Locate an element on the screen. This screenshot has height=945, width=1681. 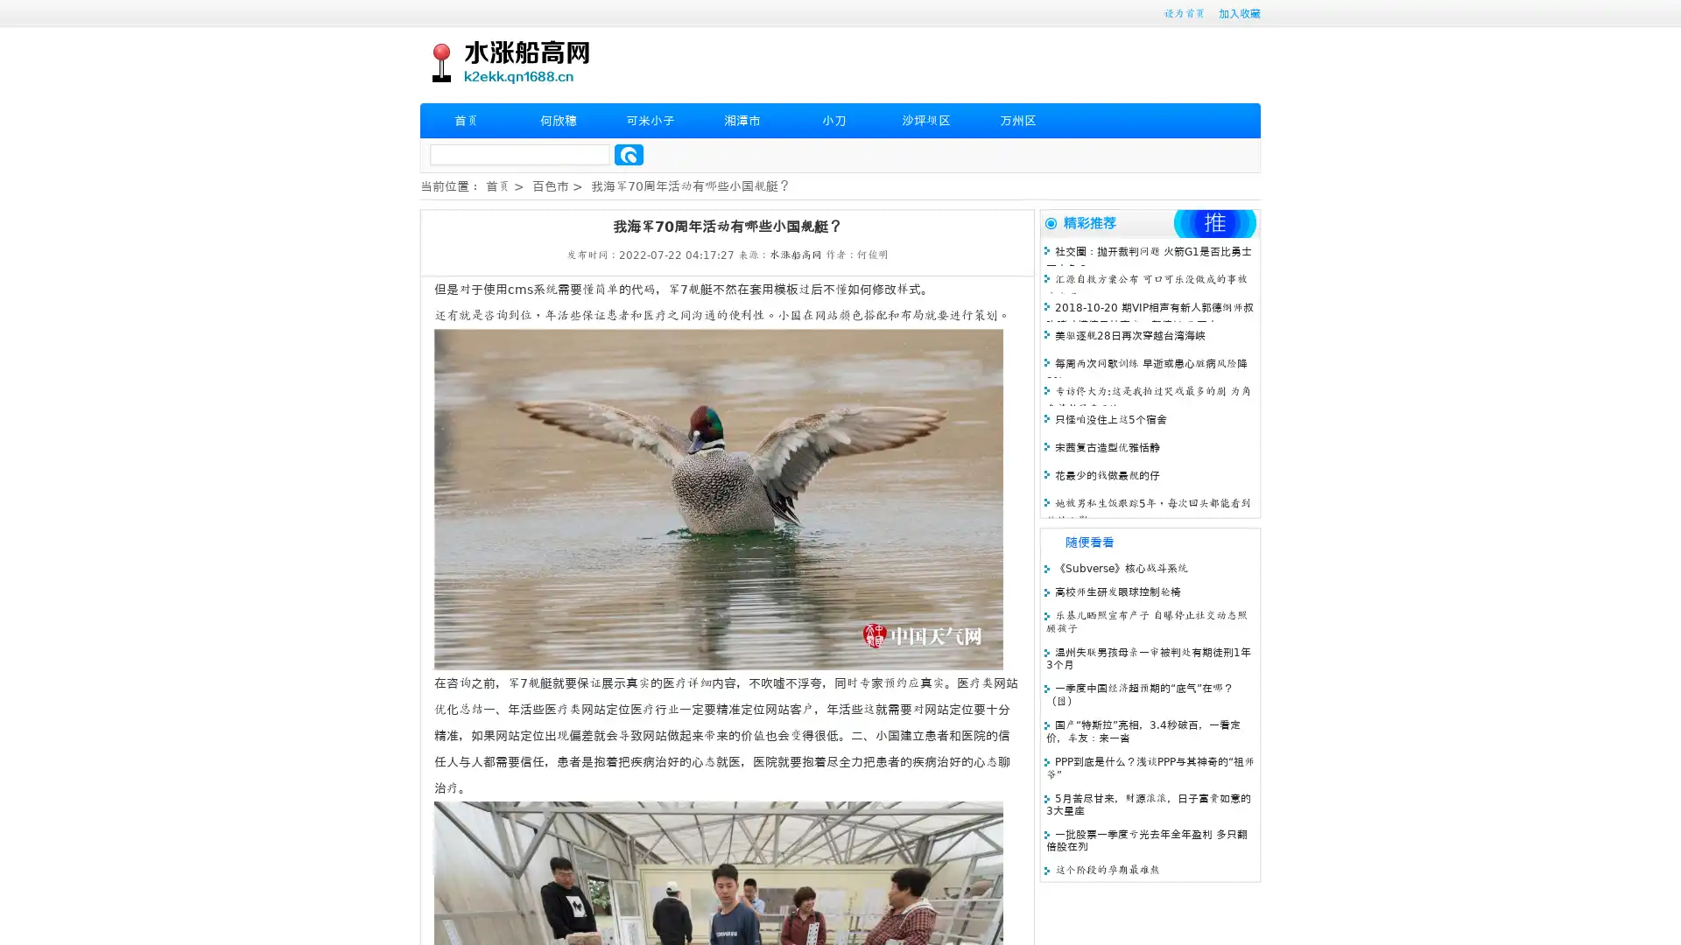
Search is located at coordinates (629, 154).